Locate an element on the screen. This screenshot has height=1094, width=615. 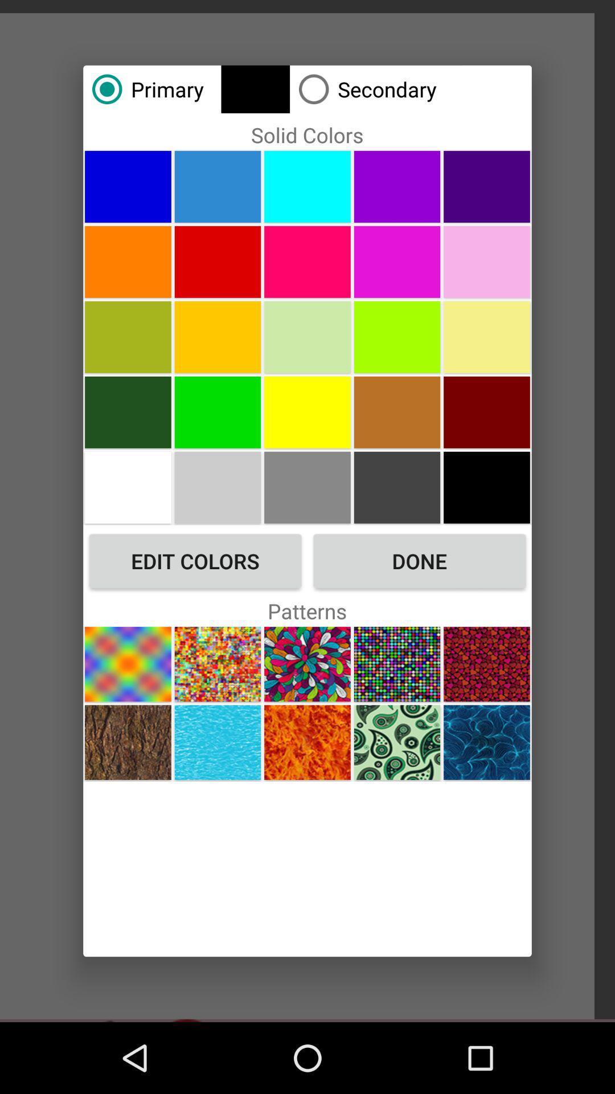
color is located at coordinates (307, 411).